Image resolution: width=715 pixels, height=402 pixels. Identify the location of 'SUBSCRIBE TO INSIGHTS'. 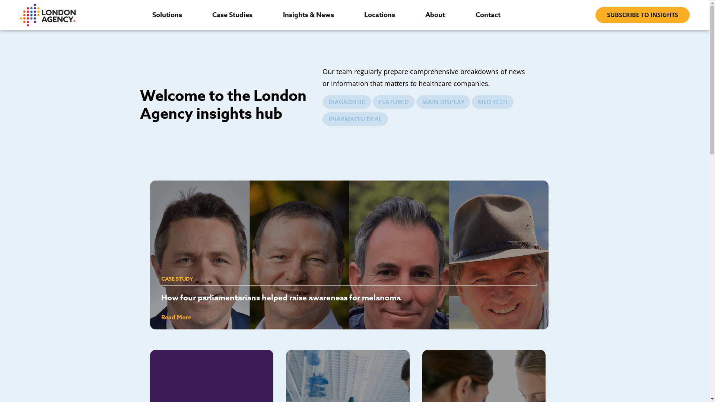
(642, 15).